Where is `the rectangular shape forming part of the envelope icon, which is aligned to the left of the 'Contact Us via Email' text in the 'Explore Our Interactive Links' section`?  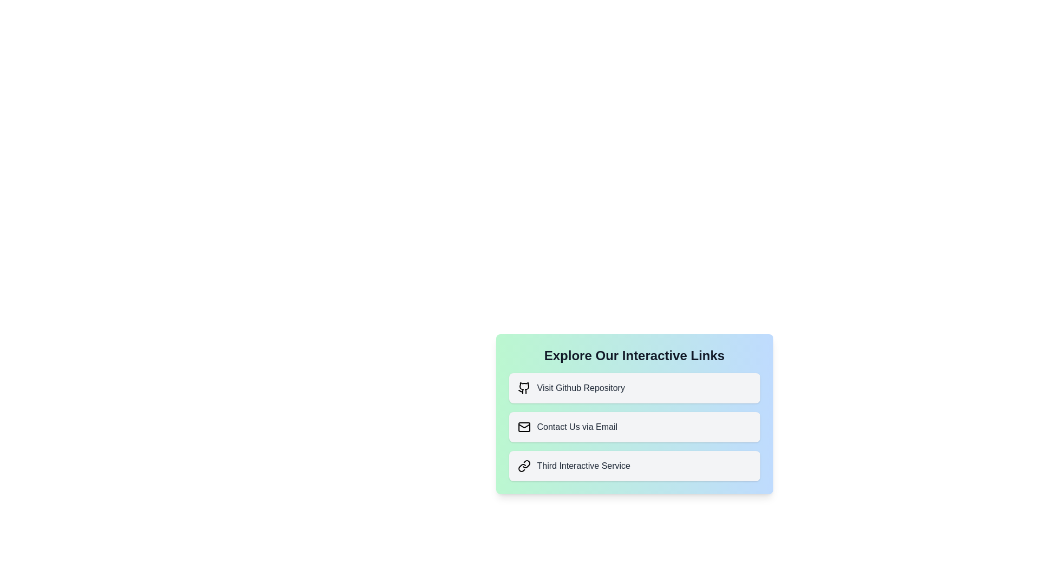
the rectangular shape forming part of the envelope icon, which is aligned to the left of the 'Contact Us via Email' text in the 'Explore Our Interactive Links' section is located at coordinates (524, 427).